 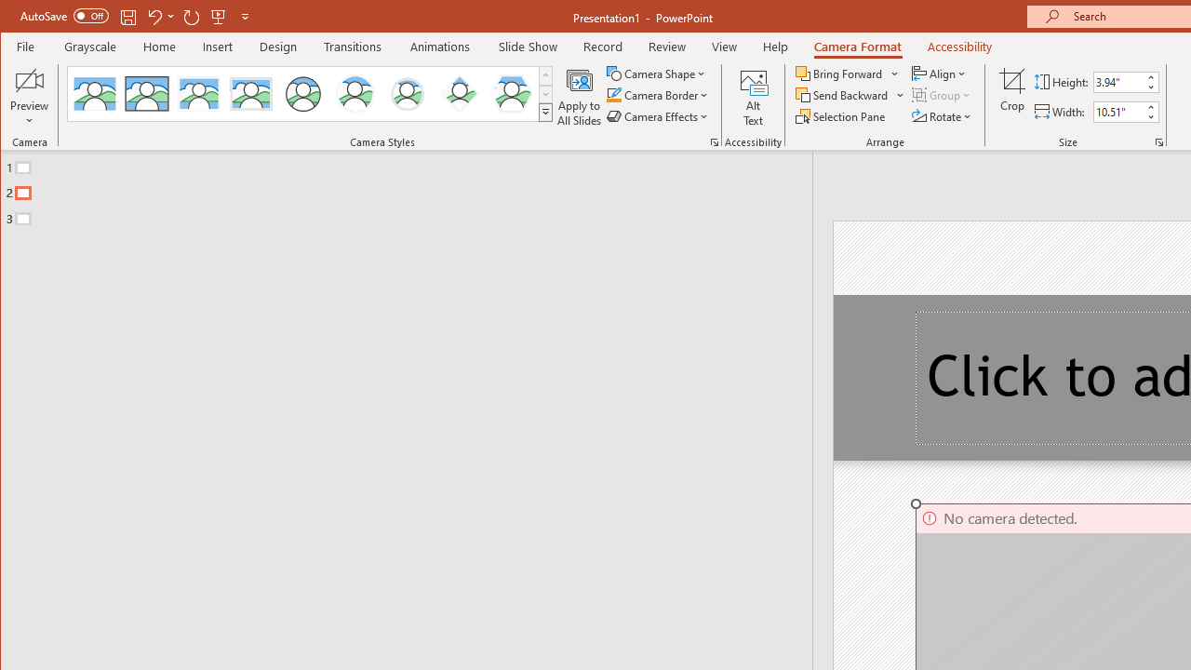 What do you see at coordinates (30, 79) in the screenshot?
I see `'Enable Camera Preview'` at bounding box center [30, 79].